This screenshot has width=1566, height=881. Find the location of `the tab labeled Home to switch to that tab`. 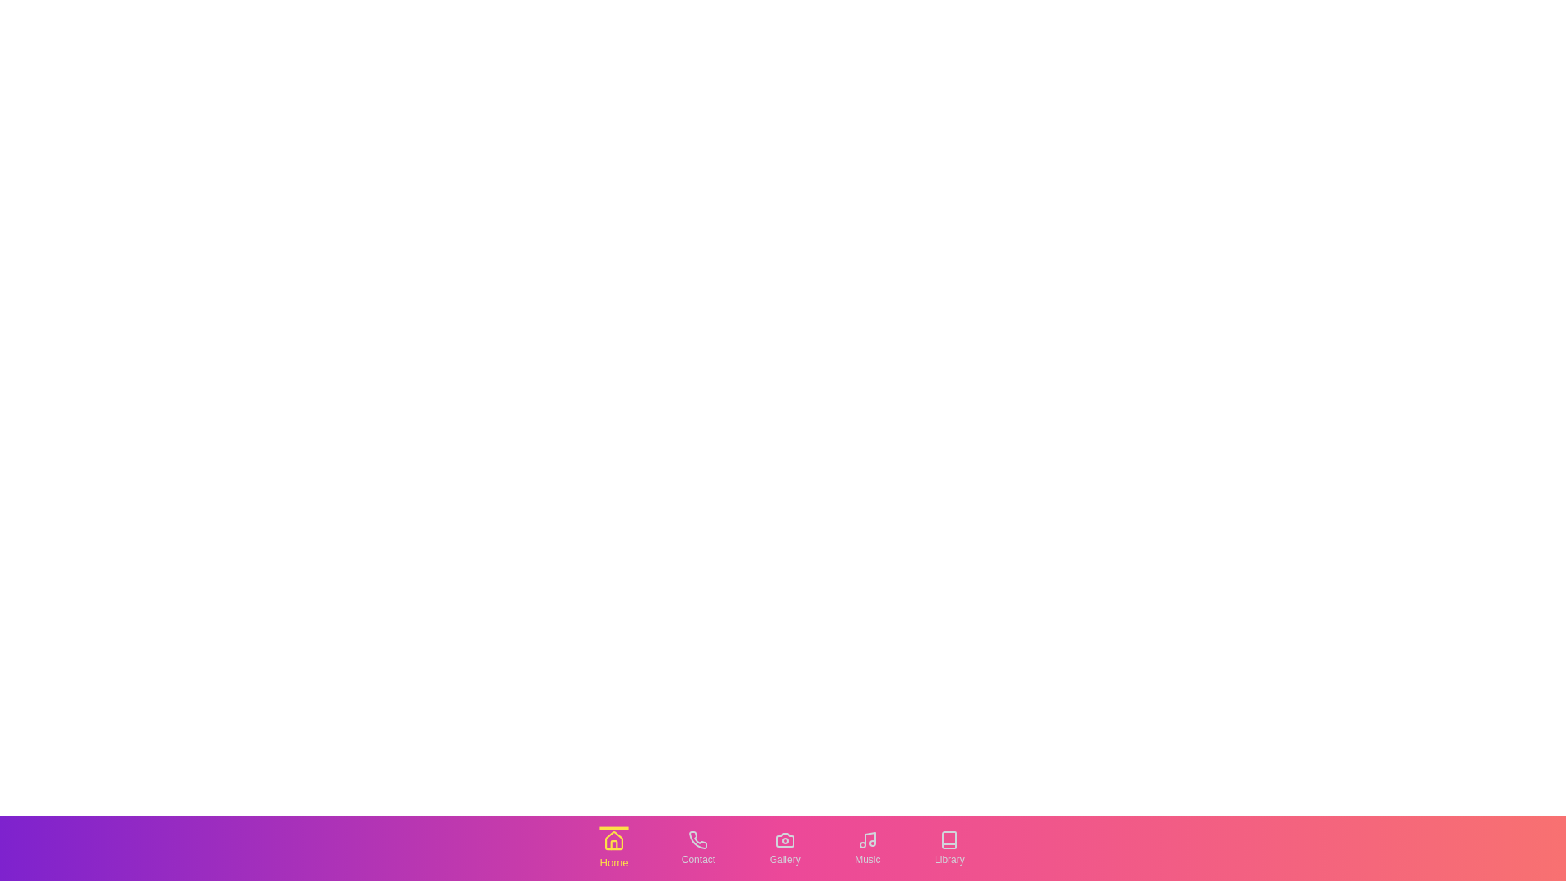

the tab labeled Home to switch to that tab is located at coordinates (613, 848).